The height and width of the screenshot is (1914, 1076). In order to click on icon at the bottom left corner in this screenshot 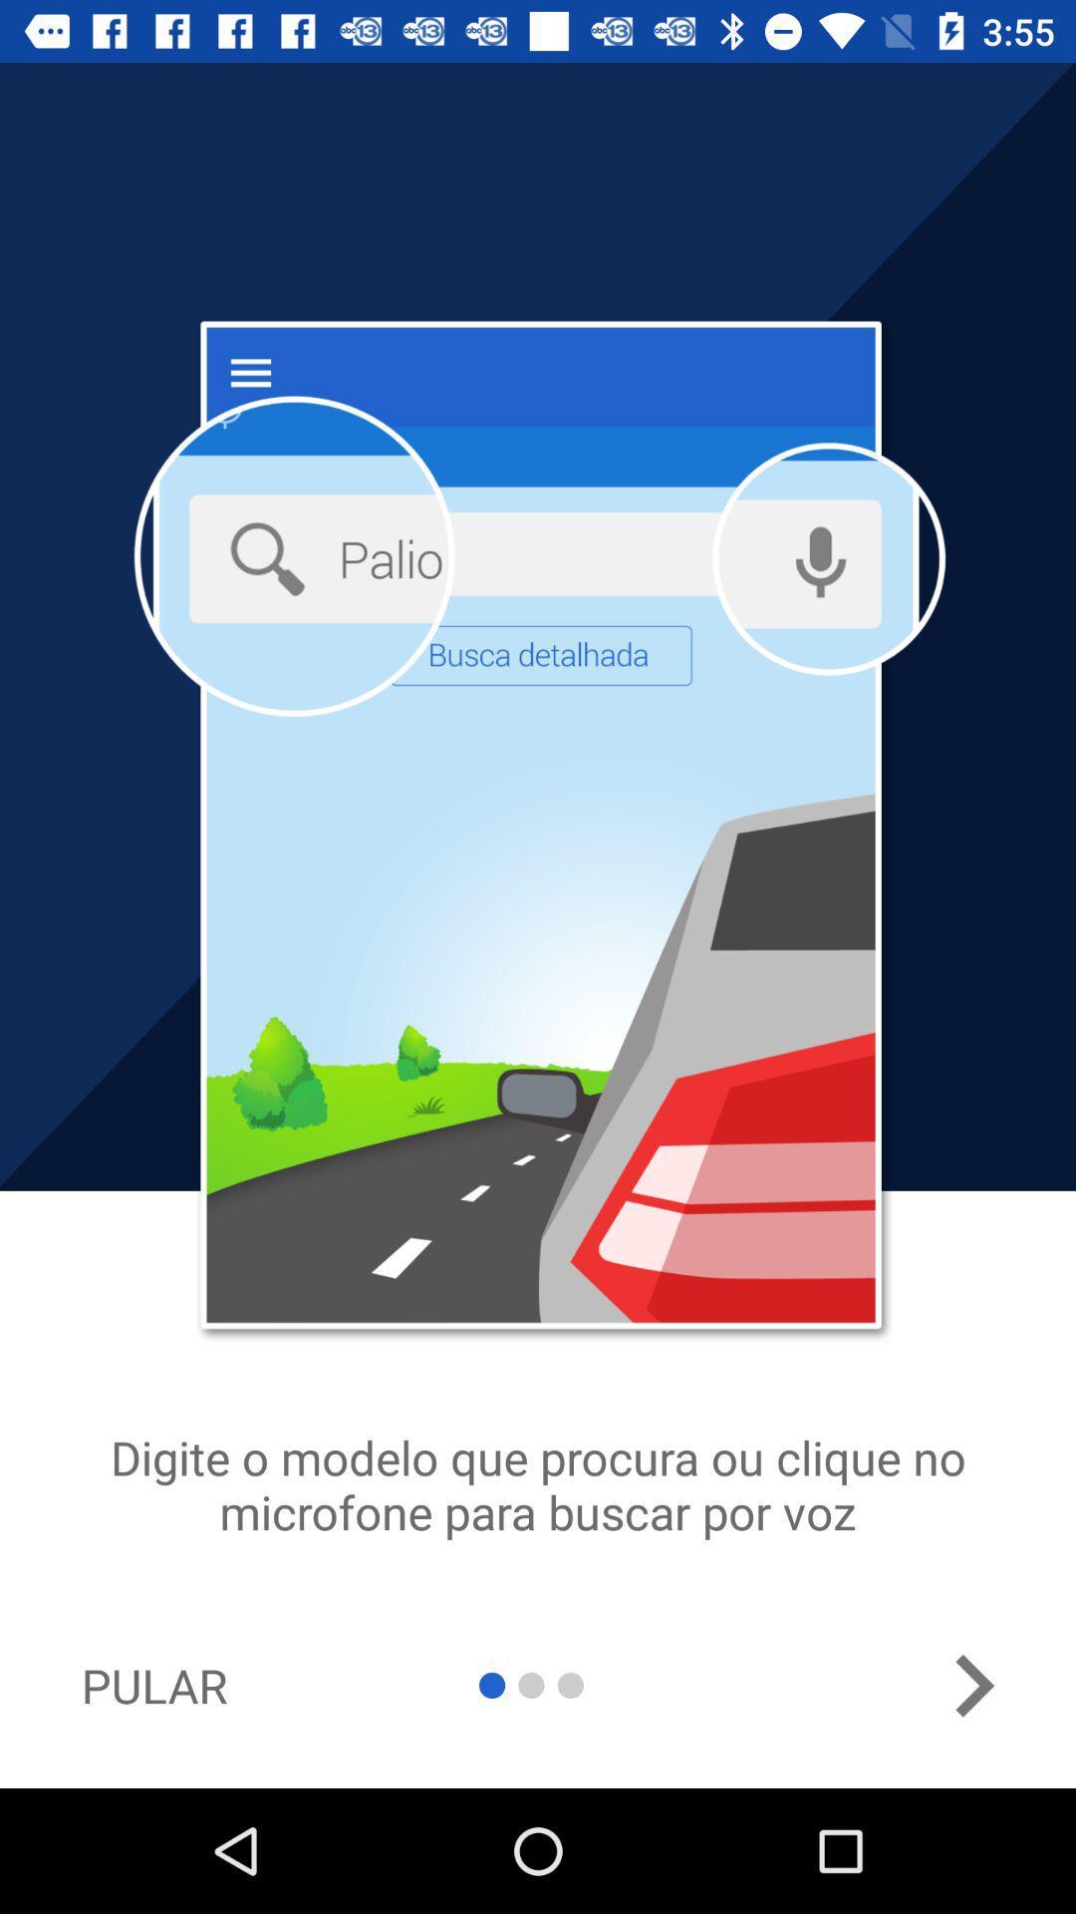, I will do `click(153, 1685)`.